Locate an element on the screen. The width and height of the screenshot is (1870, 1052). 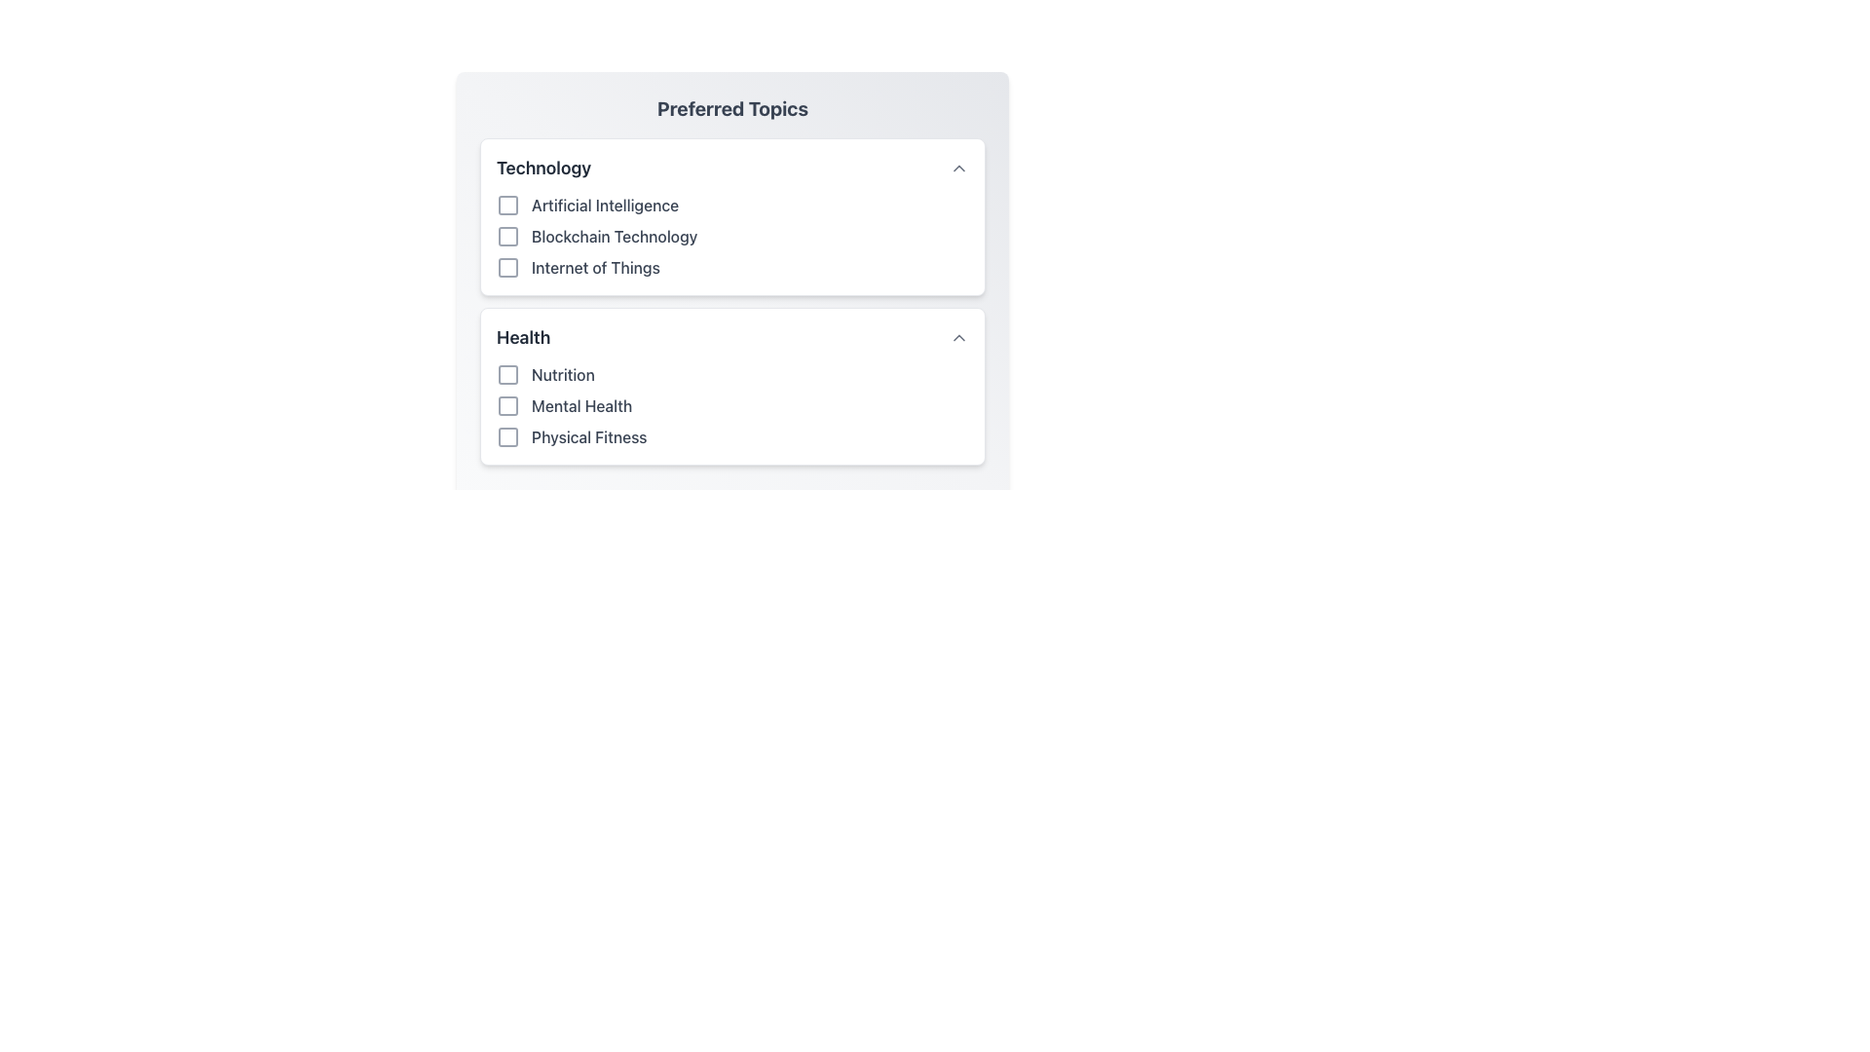
the checkbox labeled 'Mental Health' is located at coordinates (731, 404).